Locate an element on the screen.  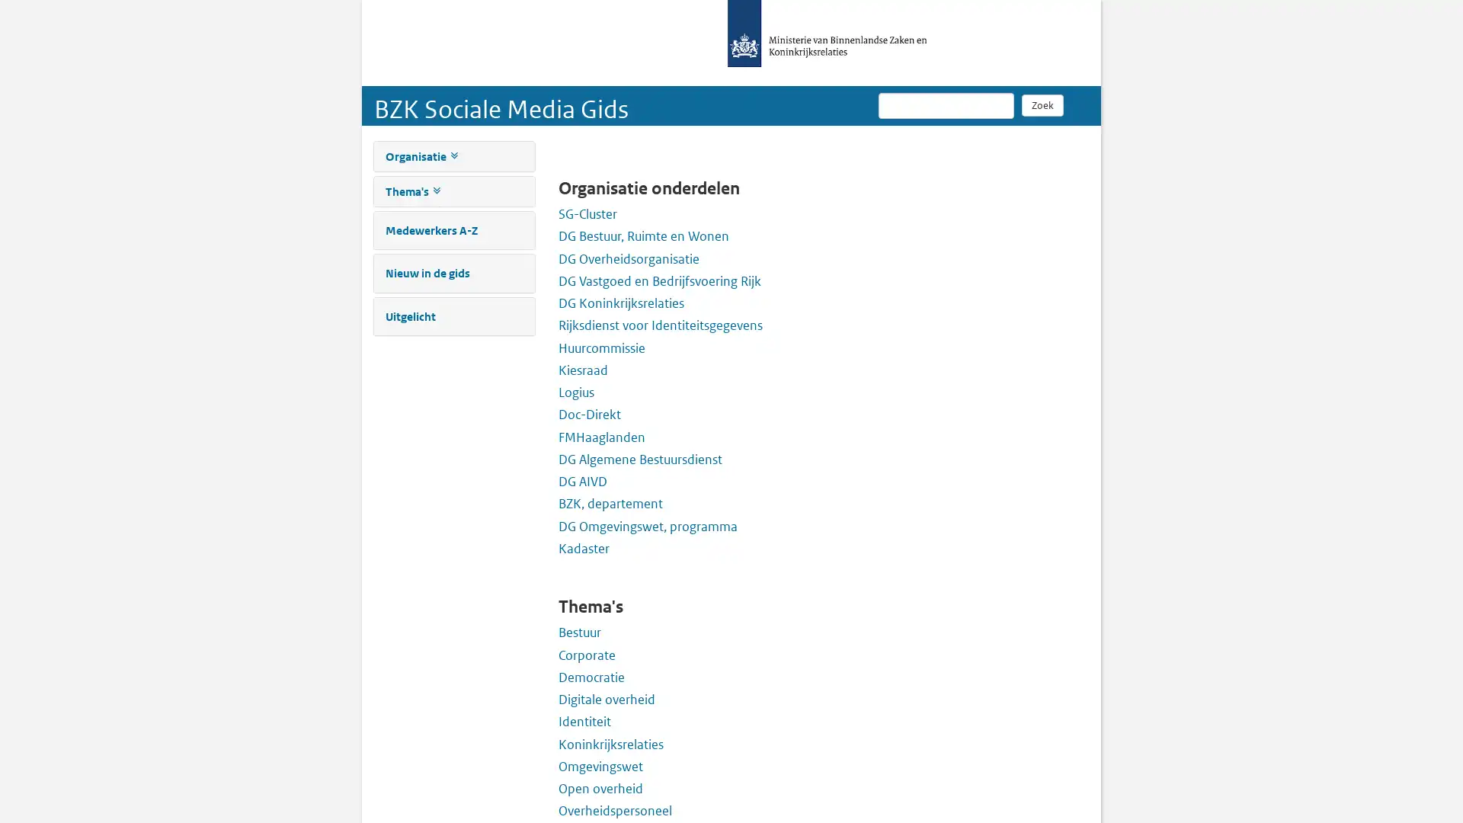
Thema's is located at coordinates (412, 191).